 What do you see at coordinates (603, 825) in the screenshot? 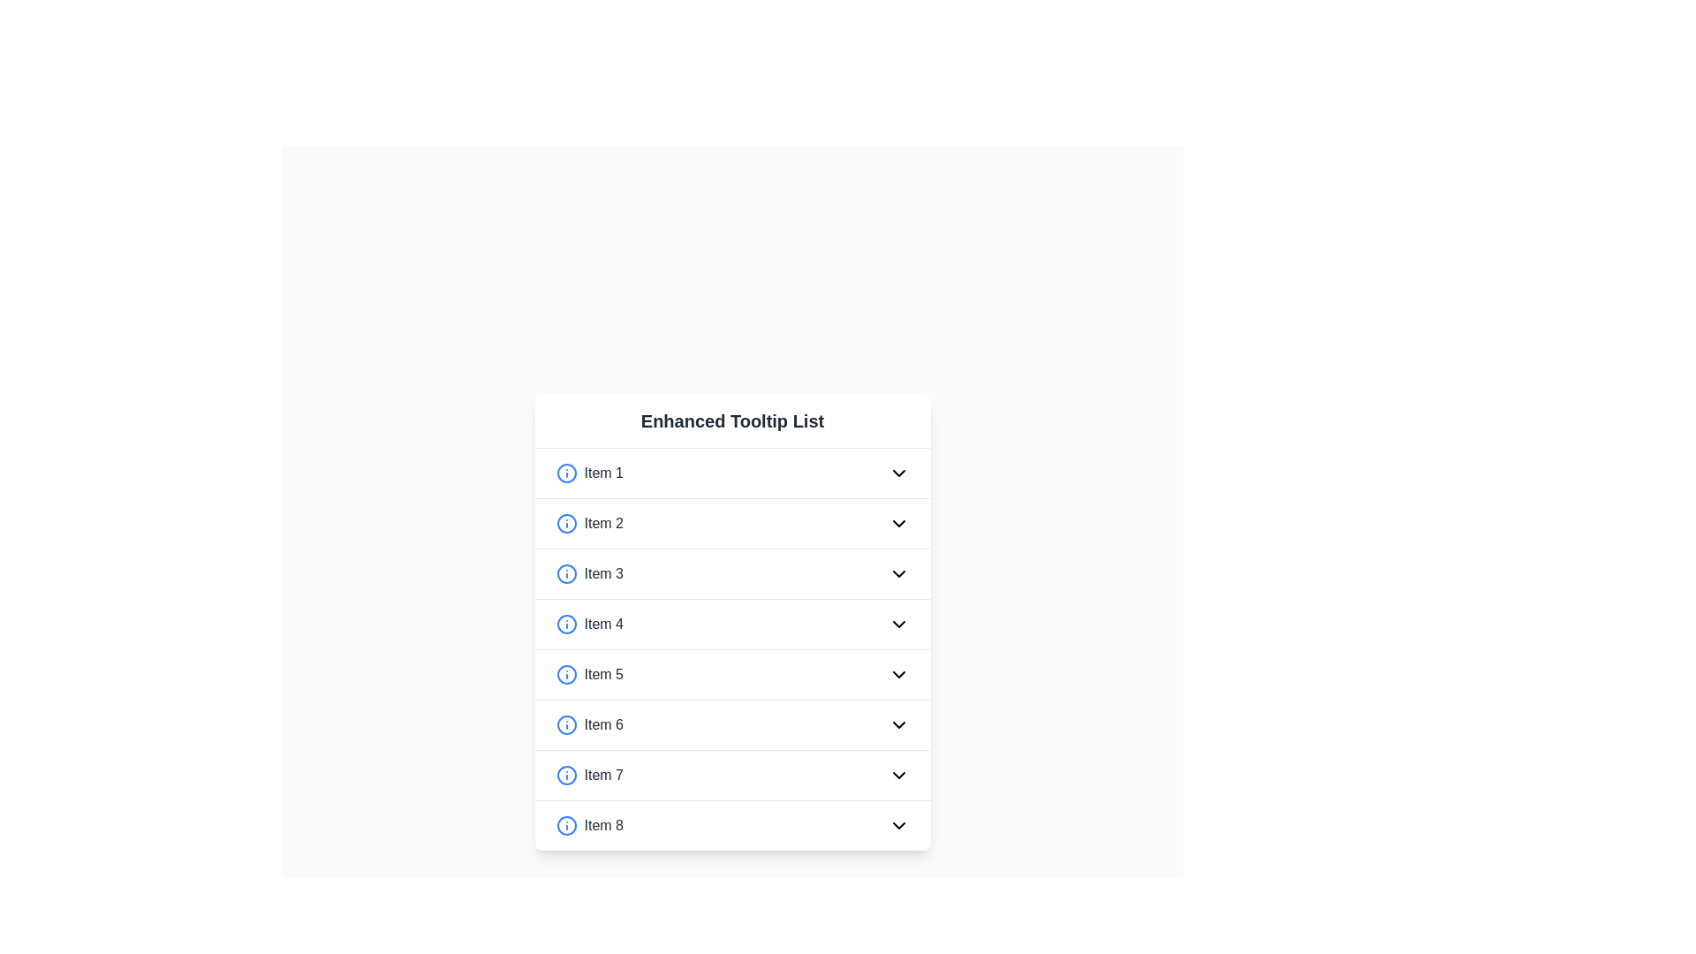
I see `the label element displaying 'Item 8', which is styled in gray and located in the eighth row of a vertical list` at bounding box center [603, 825].